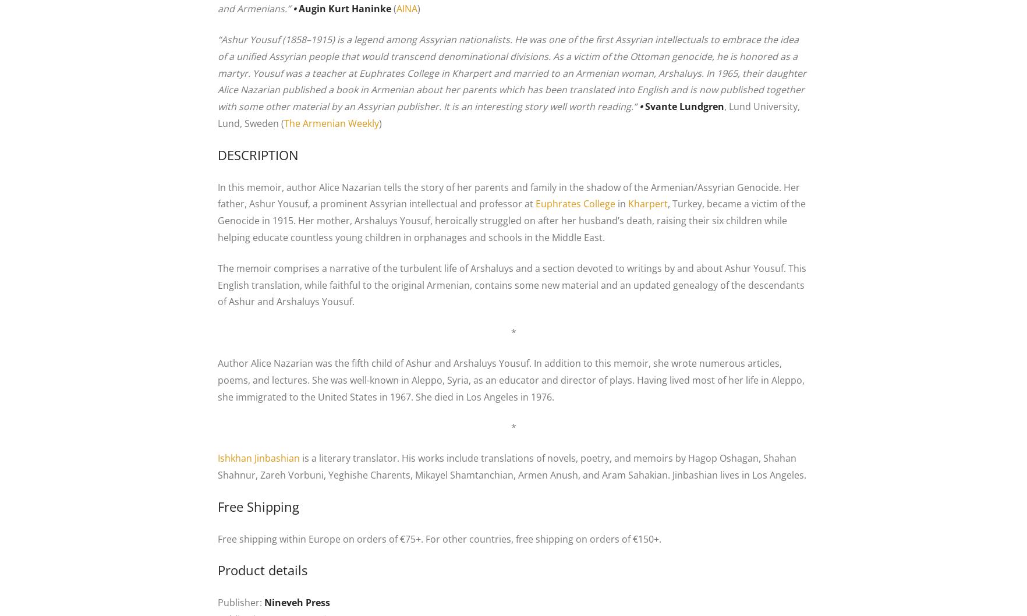  What do you see at coordinates (511, 379) in the screenshot?
I see `'Author Alice Nazarian was the fifth child of Ashur and Arshaluys Yousuf. In addition to this memoir, she wrote numerous articles, poems, and lectures. She was well-known in Aleppo, Syria, as an educator and director of plays. Having lived most of her life in Aleppo, she immigrated to the United States in 1967. She died in Los Angeles in 1976.'` at bounding box center [511, 379].